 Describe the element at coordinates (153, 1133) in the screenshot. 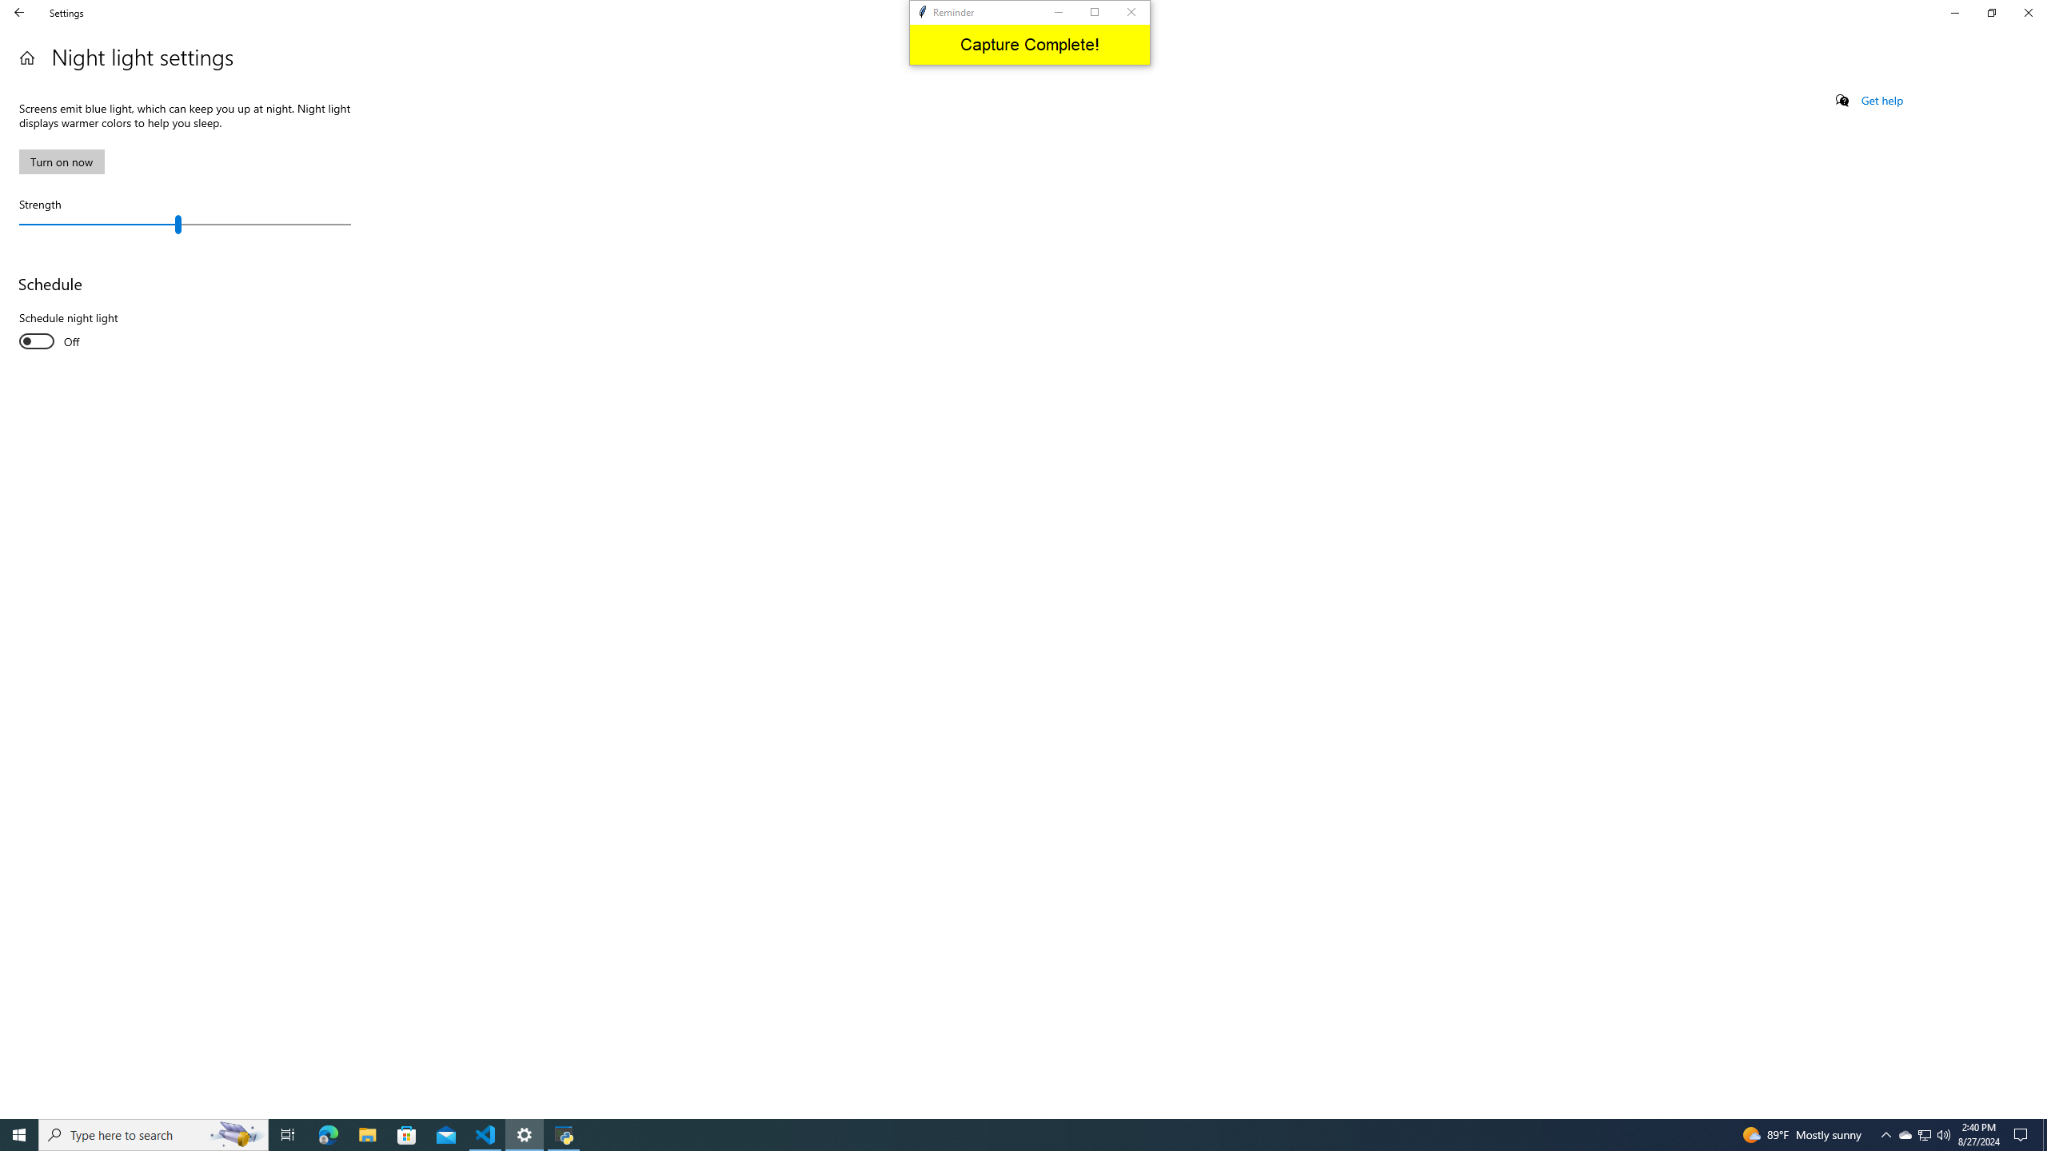

I see `'Type here to search'` at that location.